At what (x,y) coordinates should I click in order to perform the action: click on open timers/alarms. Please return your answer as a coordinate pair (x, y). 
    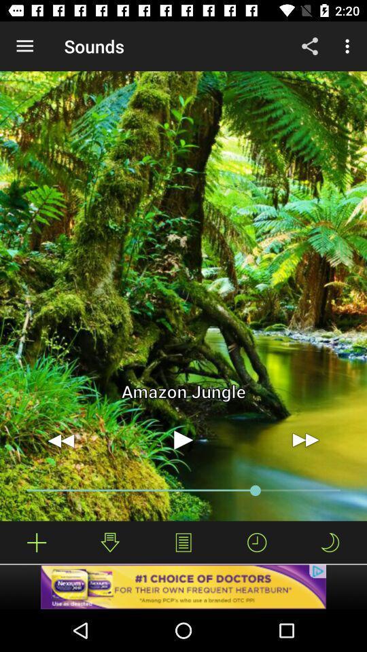
    Looking at the image, I should click on (257, 542).